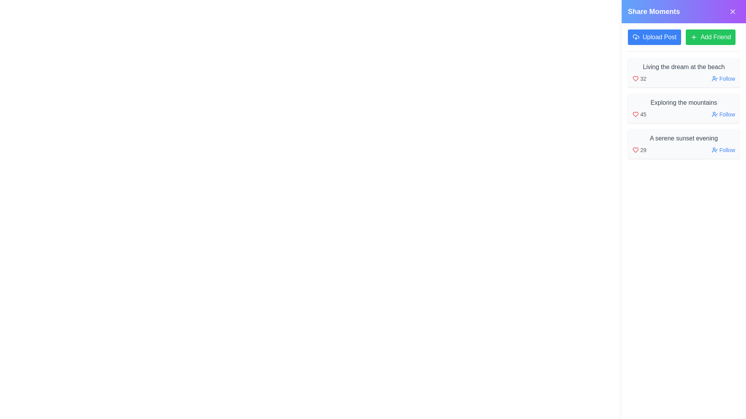 The image size is (746, 419). I want to click on the label that serves as a title or description for the associated card, located in the vertical list of cards in the sidebar, specifically the center text of the second card from the top, so click(684, 102).